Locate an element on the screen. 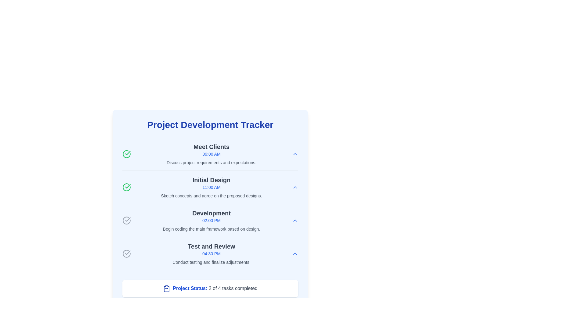 Image resolution: width=586 pixels, height=329 pixels. the fourth task card titled 'Test and Review' is located at coordinates (210, 253).